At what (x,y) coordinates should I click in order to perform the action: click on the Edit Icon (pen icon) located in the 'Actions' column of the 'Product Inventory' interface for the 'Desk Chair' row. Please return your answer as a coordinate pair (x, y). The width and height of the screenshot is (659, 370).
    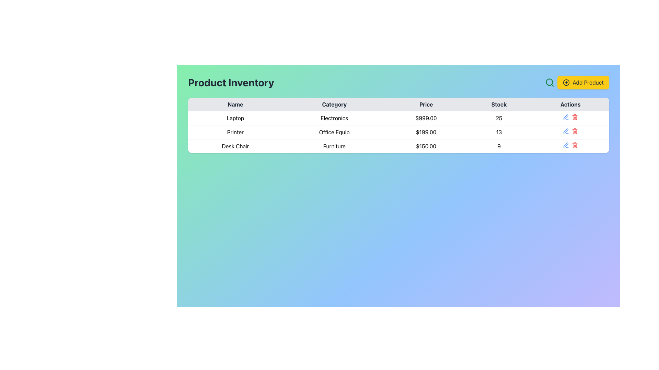
    Looking at the image, I should click on (566, 131).